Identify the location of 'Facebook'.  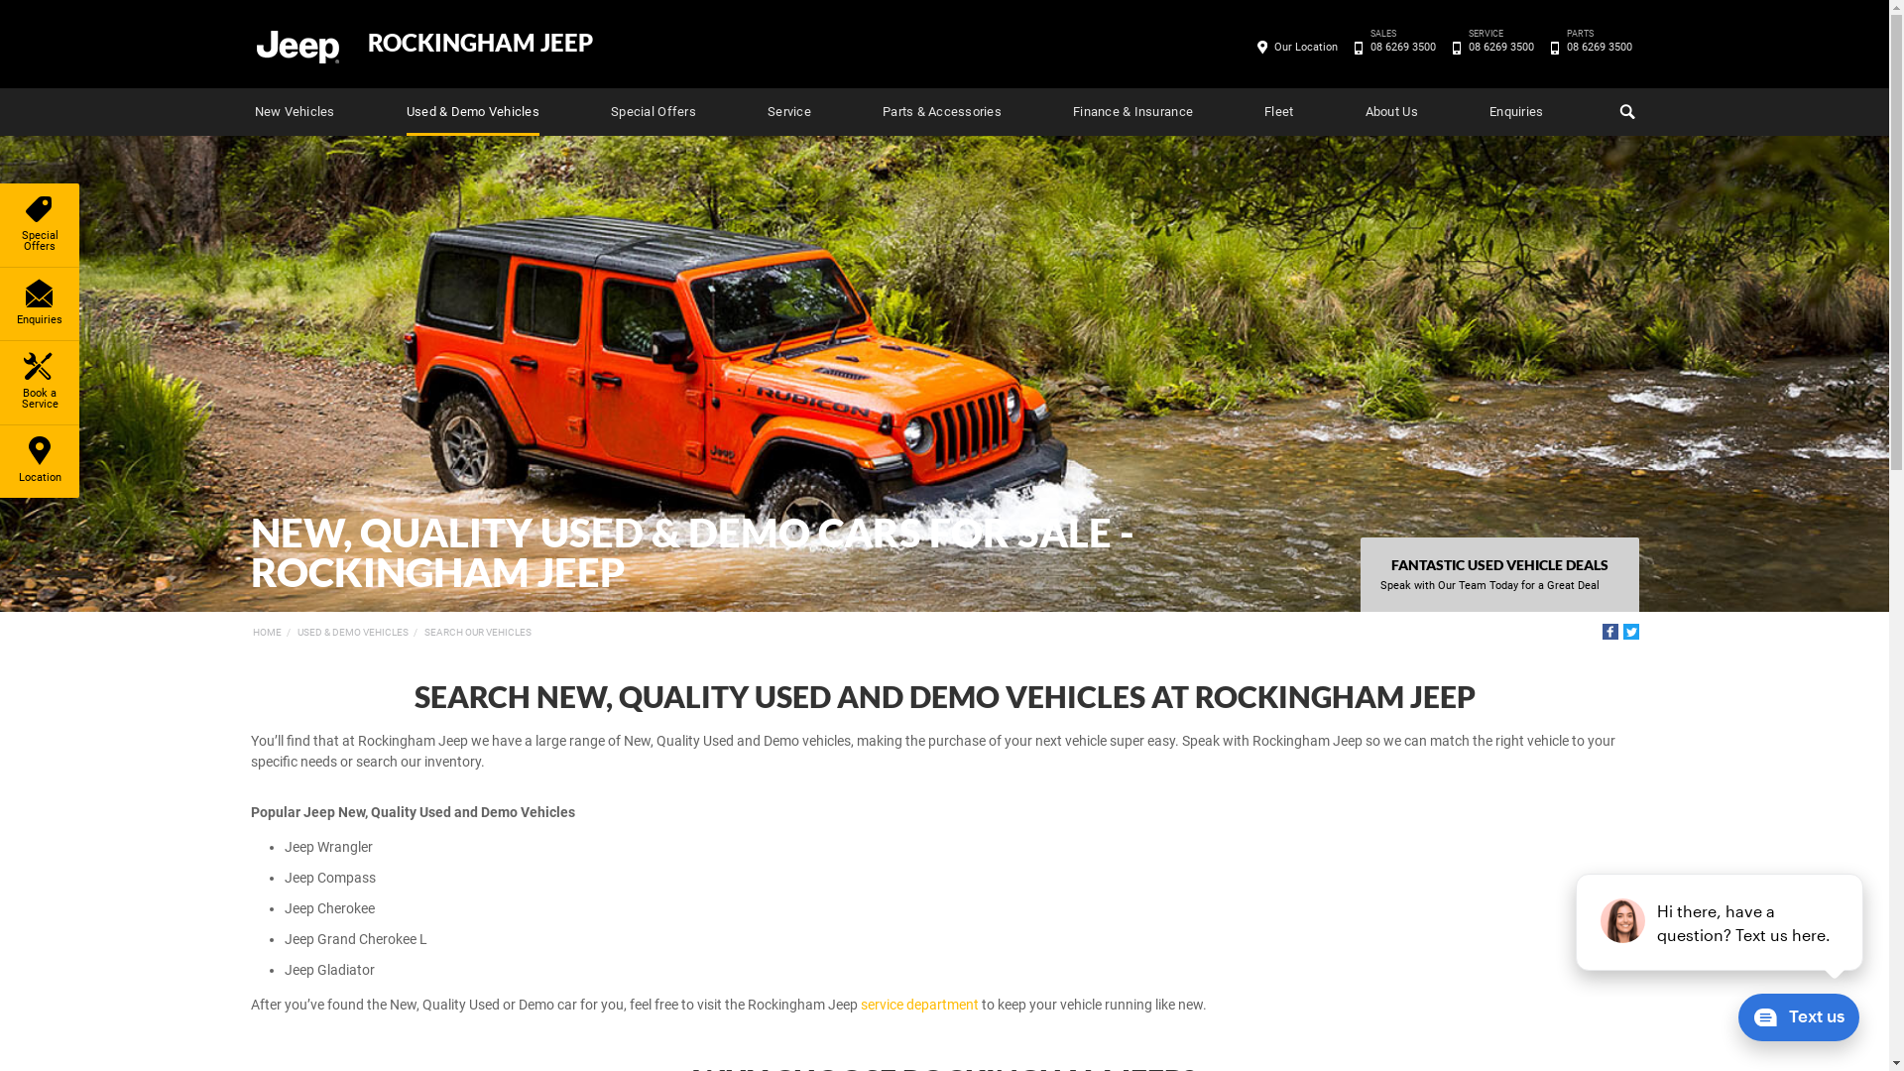
(1609, 631).